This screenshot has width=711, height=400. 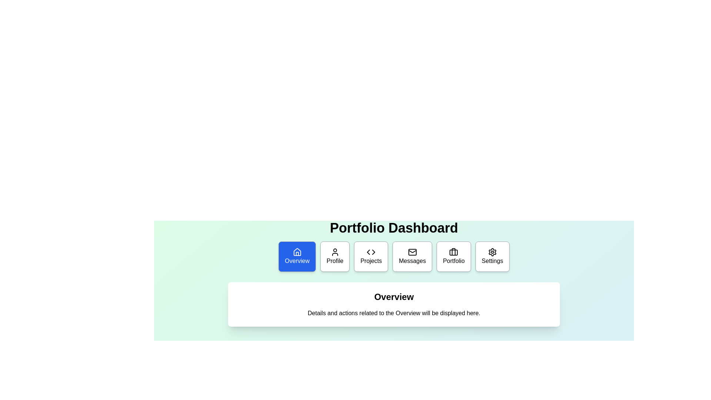 What do you see at coordinates (371, 256) in the screenshot?
I see `the 'Projects' button, which is the third item in the horizontal row of menu buttons` at bounding box center [371, 256].